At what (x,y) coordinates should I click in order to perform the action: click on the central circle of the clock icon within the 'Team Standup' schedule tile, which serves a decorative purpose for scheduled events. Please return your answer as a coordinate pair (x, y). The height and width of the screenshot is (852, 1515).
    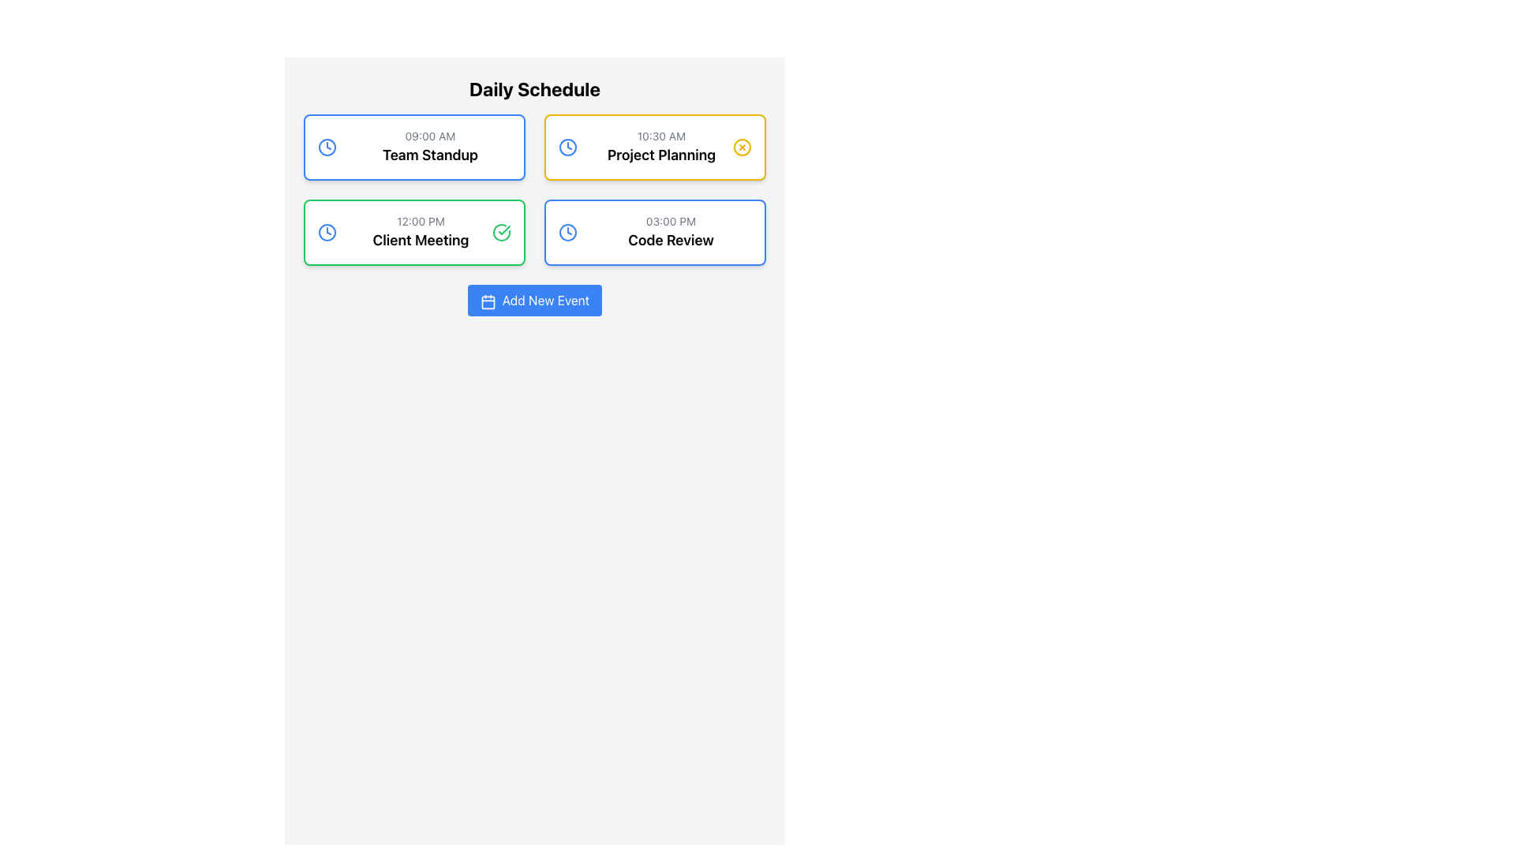
    Looking at the image, I should click on (326, 232).